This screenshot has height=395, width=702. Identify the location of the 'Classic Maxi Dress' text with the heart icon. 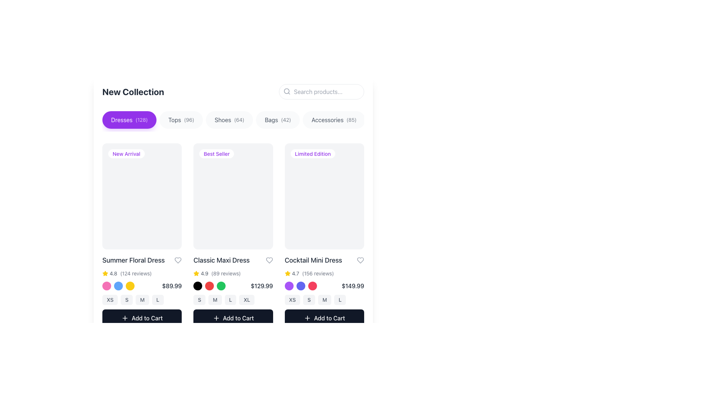
(233, 260).